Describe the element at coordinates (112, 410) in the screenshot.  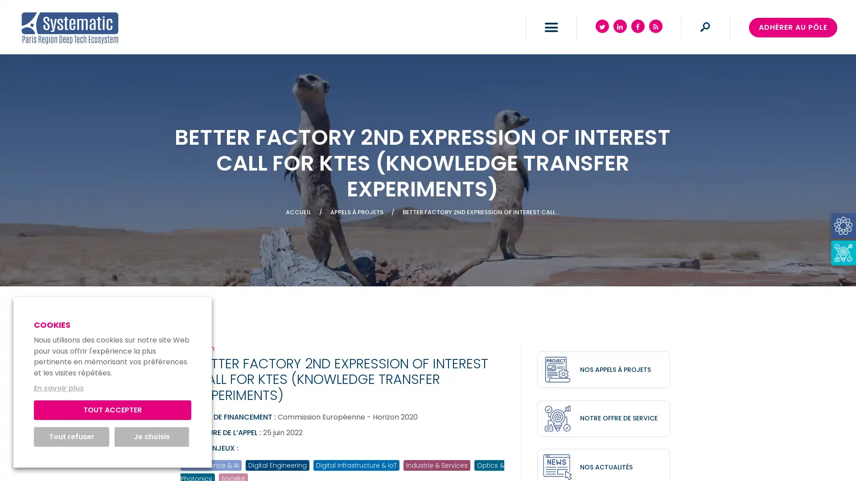
I see `TOUT ACCEPTER` at that location.